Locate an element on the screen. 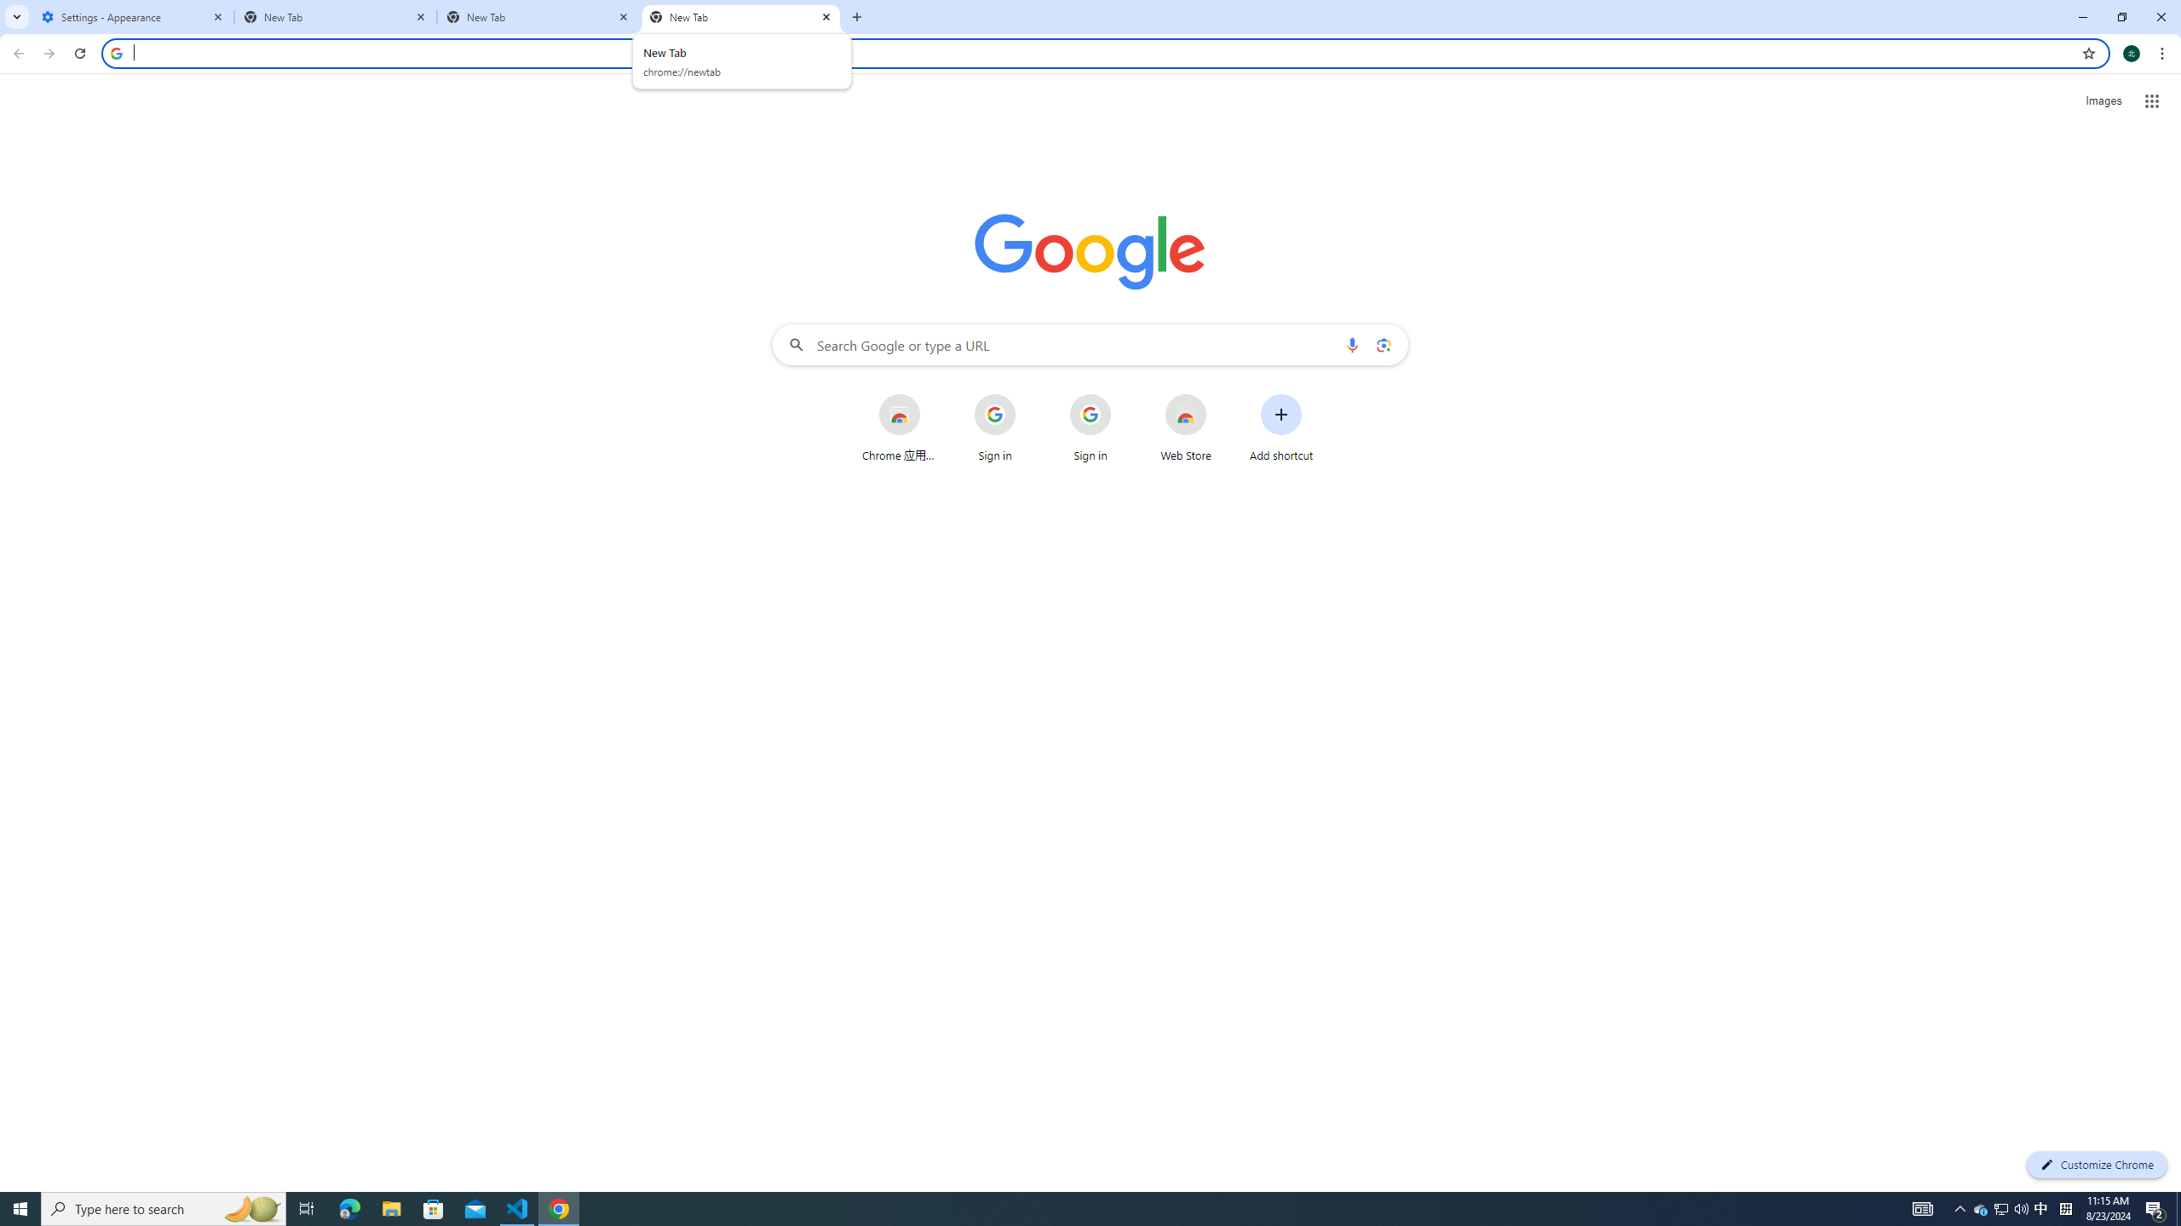 This screenshot has height=1226, width=2181. 'More actions for Sign in shortcut' is located at coordinates (1123, 395).